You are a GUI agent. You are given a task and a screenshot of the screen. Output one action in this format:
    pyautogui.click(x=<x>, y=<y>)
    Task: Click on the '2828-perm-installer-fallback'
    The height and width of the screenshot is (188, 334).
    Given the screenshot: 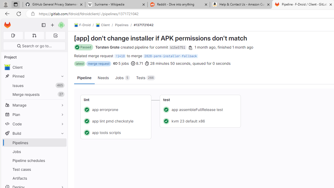 What is the action you would take?
    pyautogui.click(x=170, y=56)
    